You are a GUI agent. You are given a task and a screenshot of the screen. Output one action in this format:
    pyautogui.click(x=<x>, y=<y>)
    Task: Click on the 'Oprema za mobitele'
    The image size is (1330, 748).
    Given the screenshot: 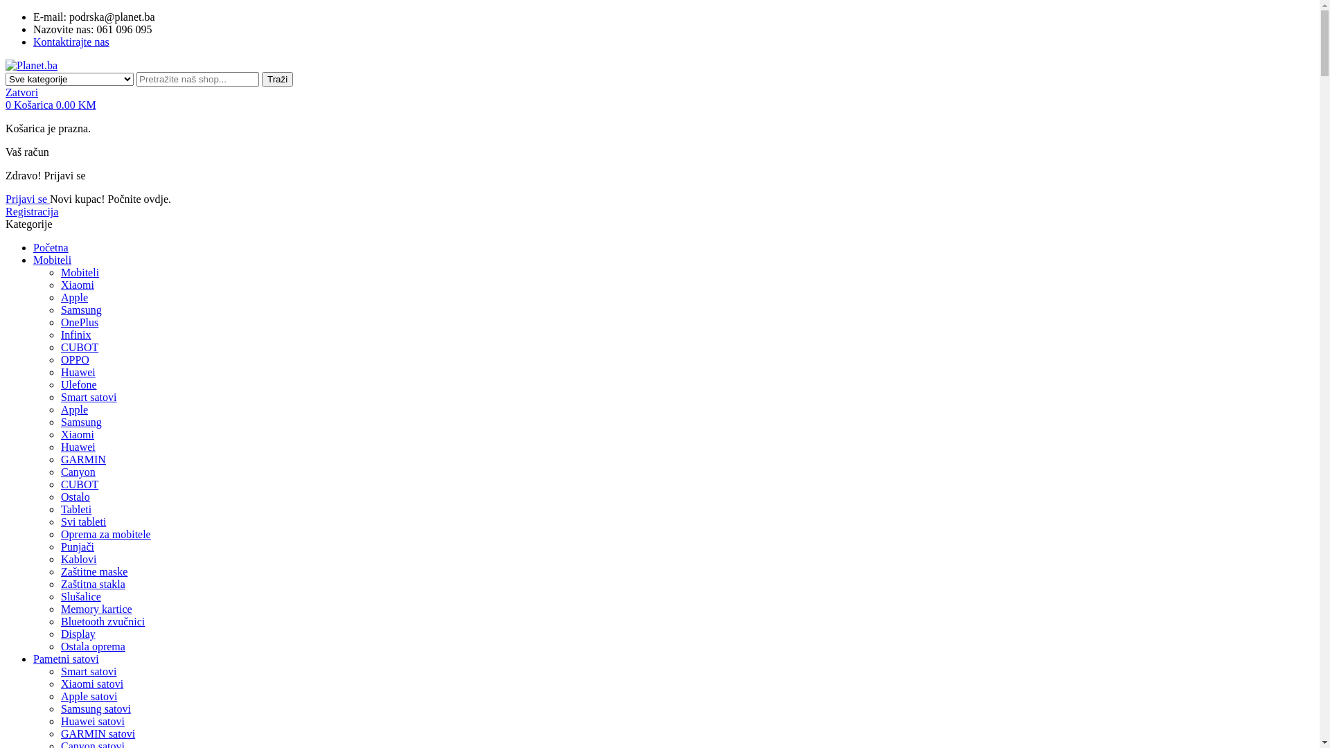 What is the action you would take?
    pyautogui.click(x=60, y=533)
    